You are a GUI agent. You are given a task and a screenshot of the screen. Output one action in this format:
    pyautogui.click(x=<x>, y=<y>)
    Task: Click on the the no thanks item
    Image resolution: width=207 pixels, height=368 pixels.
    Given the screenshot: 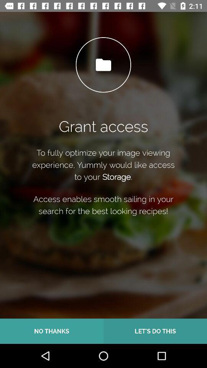 What is the action you would take?
    pyautogui.click(x=52, y=331)
    